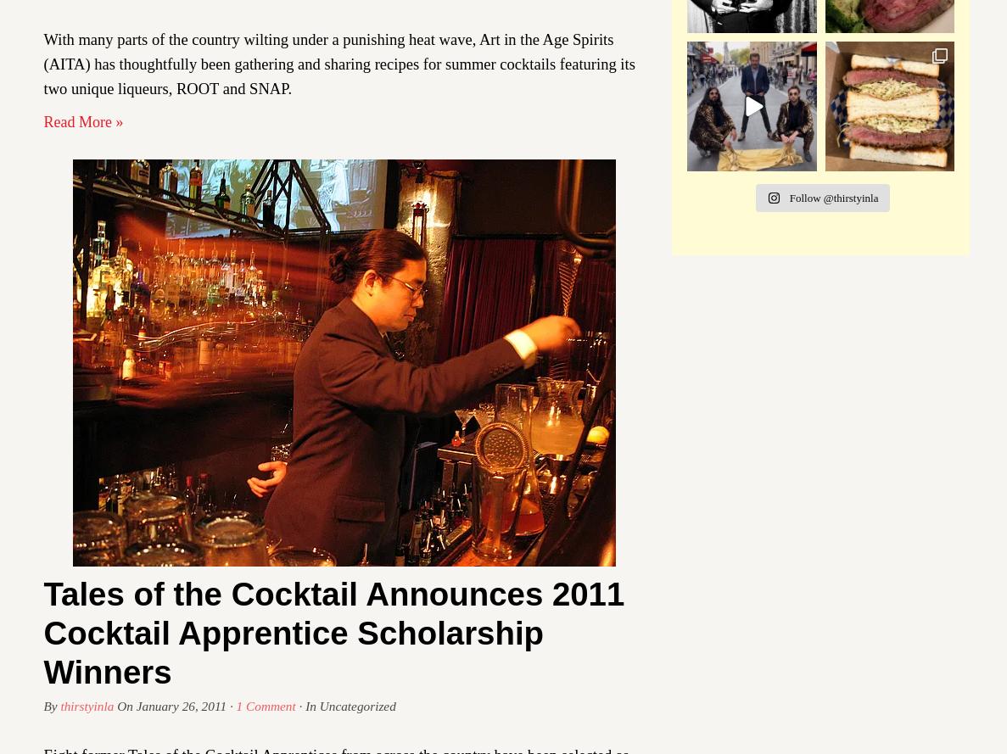 The height and width of the screenshot is (754, 1007). I want to click on 'January 26, 2011', so click(135, 704).